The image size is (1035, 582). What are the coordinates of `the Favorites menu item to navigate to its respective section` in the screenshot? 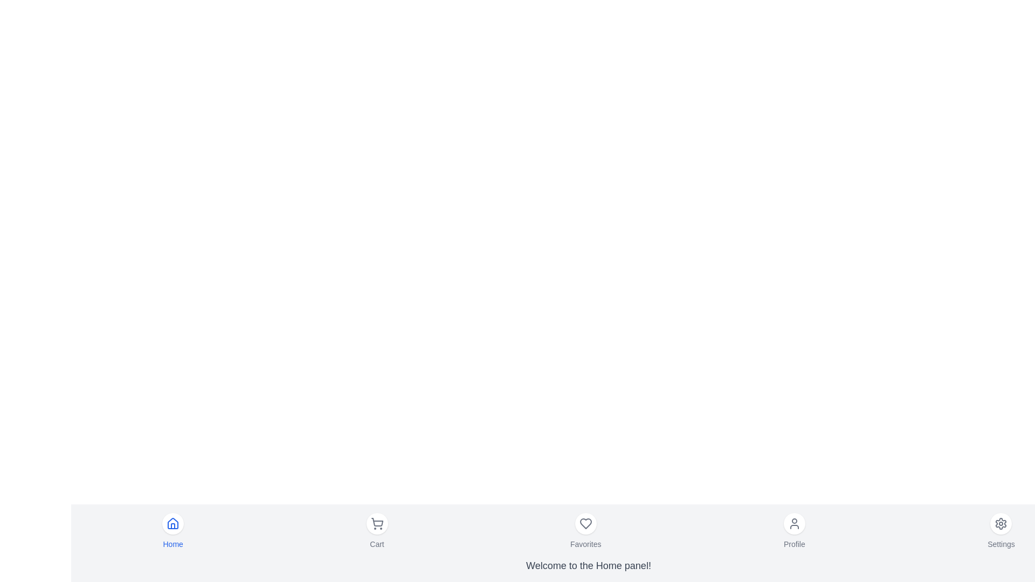 It's located at (584, 531).